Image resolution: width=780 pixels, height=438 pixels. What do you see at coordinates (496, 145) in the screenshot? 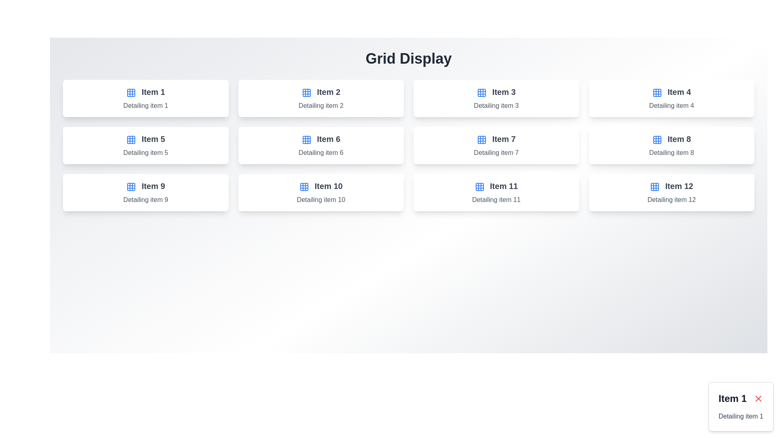
I see `the clickable card that provides a summary or entry point for 'Item 7' details, located` at bounding box center [496, 145].